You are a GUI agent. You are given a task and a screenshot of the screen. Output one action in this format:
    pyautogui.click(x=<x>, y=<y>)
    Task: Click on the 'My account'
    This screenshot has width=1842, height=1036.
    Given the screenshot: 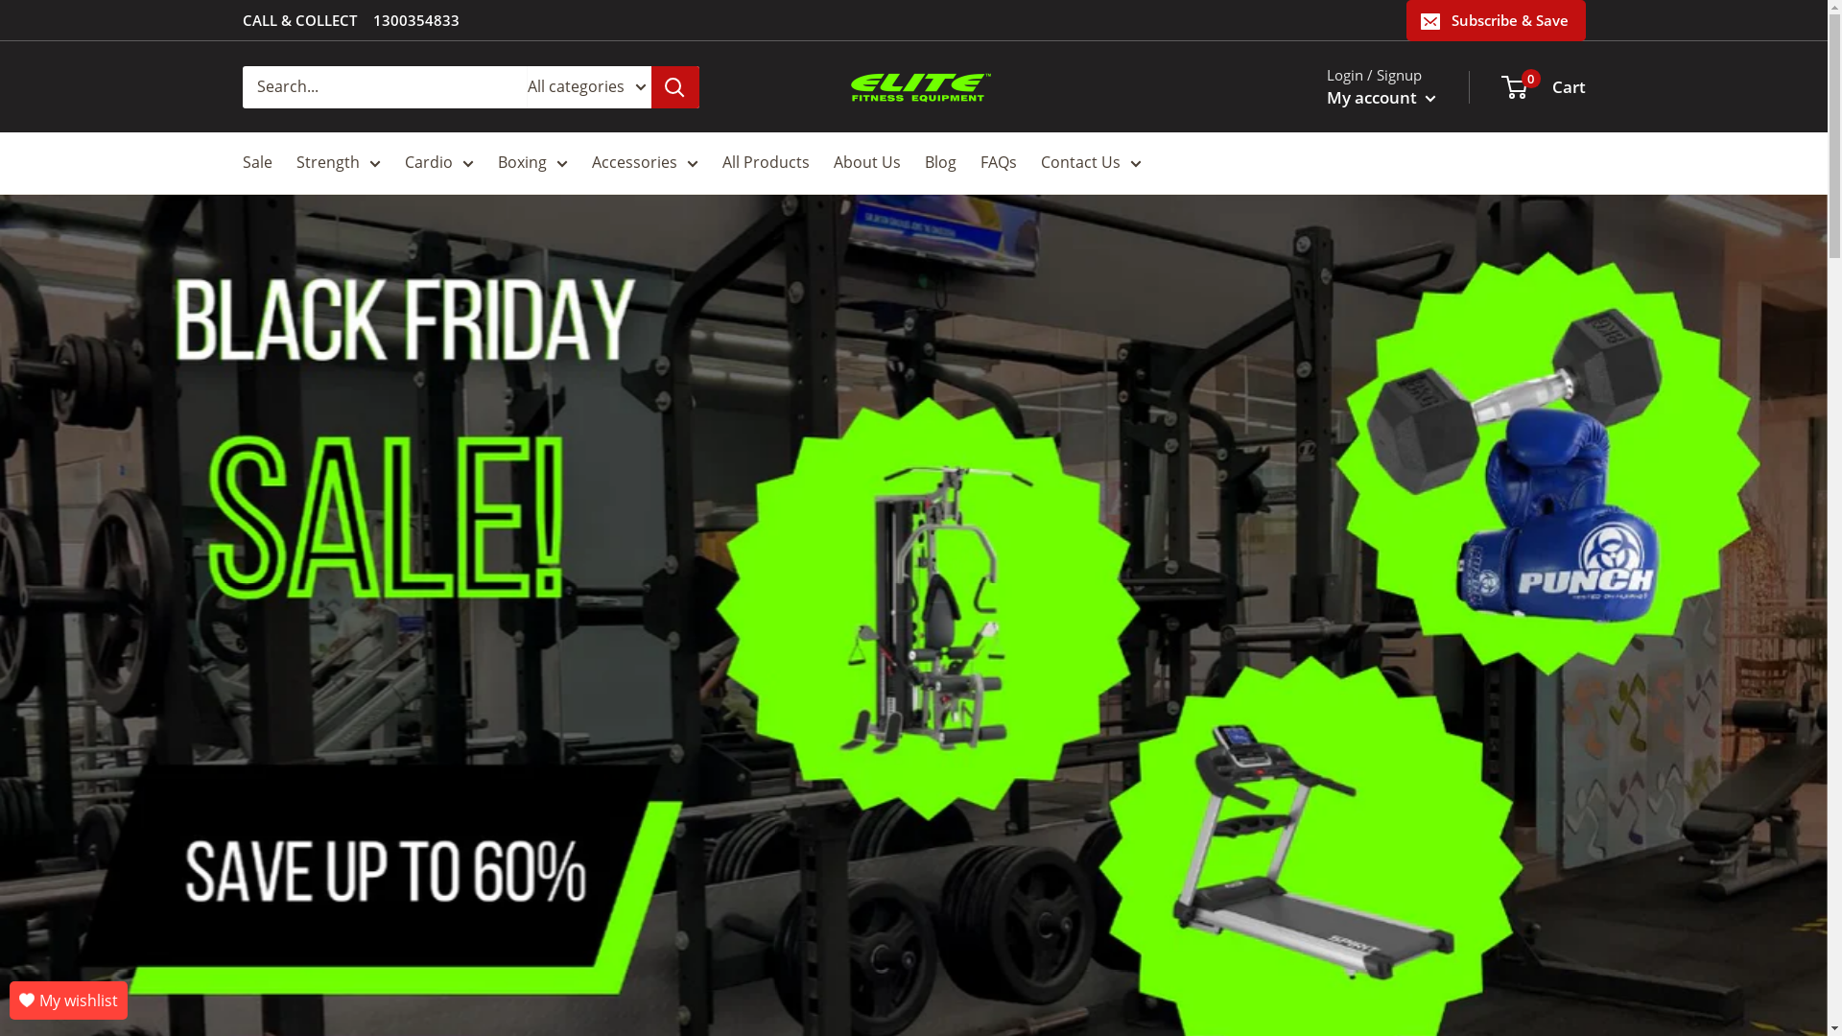 What is the action you would take?
    pyautogui.click(x=1380, y=97)
    